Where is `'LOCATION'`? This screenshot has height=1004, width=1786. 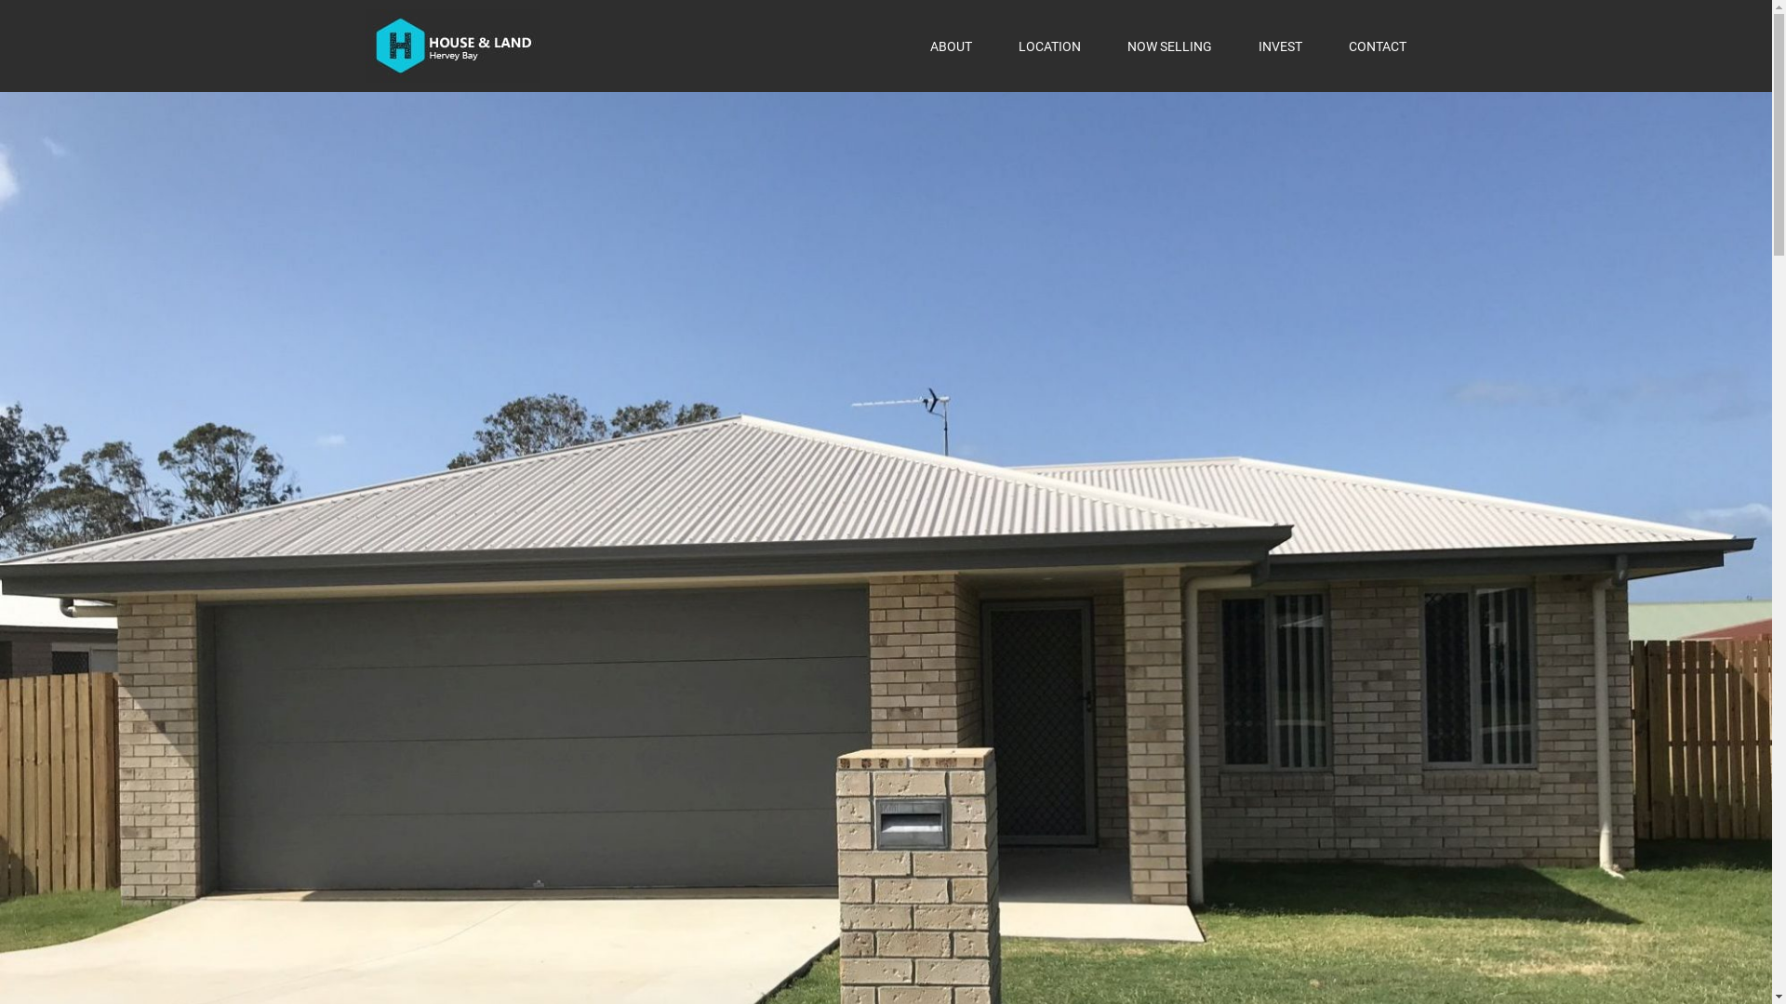 'LOCATION' is located at coordinates (1049, 45).